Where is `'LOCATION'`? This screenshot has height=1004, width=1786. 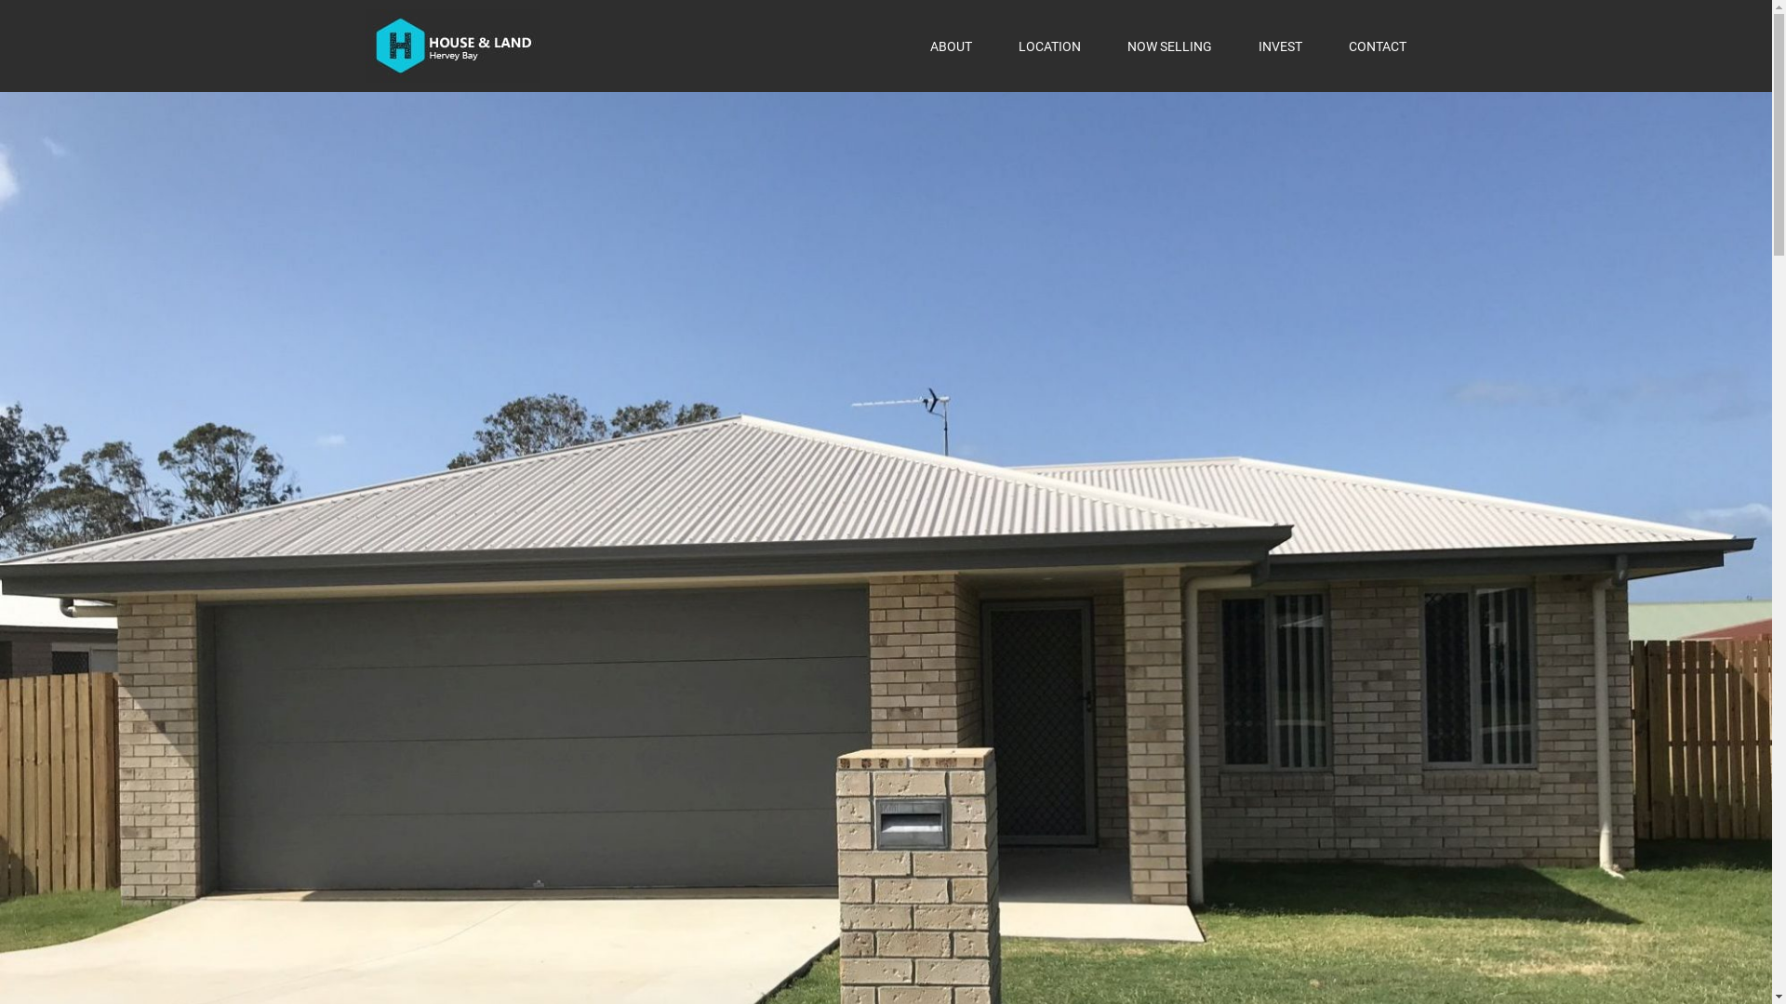 'LOCATION' is located at coordinates (1049, 45).